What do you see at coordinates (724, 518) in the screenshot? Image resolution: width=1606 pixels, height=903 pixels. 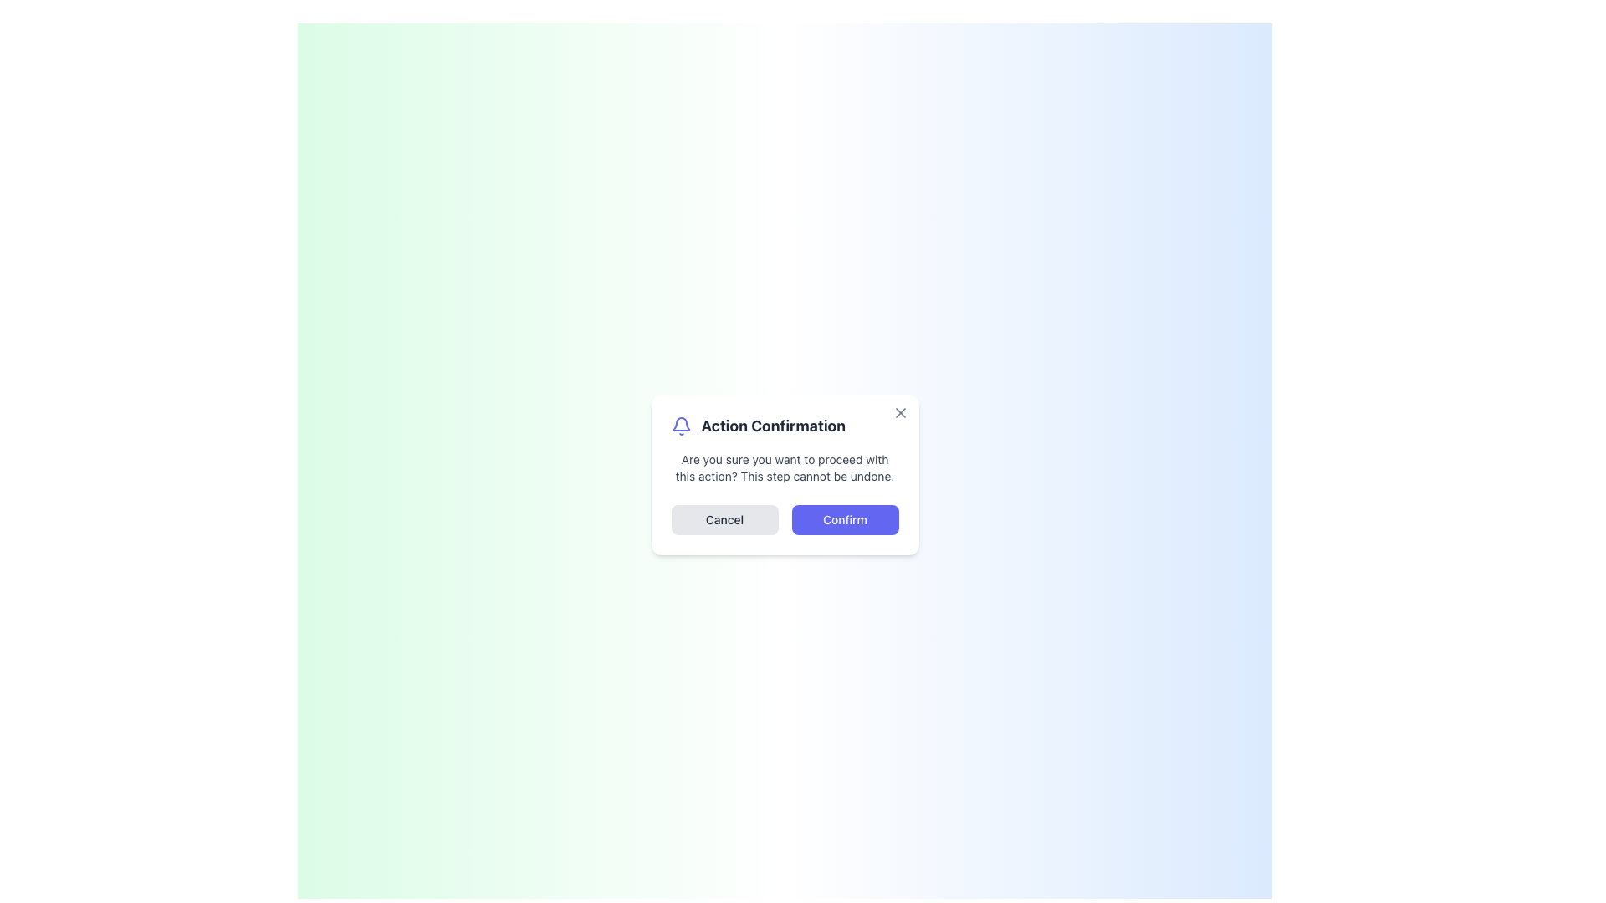 I see `the 'Cancel' button, which is a rectangular button with rounded corners, gray background, located in the bottom left of the confirmation dialog box` at bounding box center [724, 518].